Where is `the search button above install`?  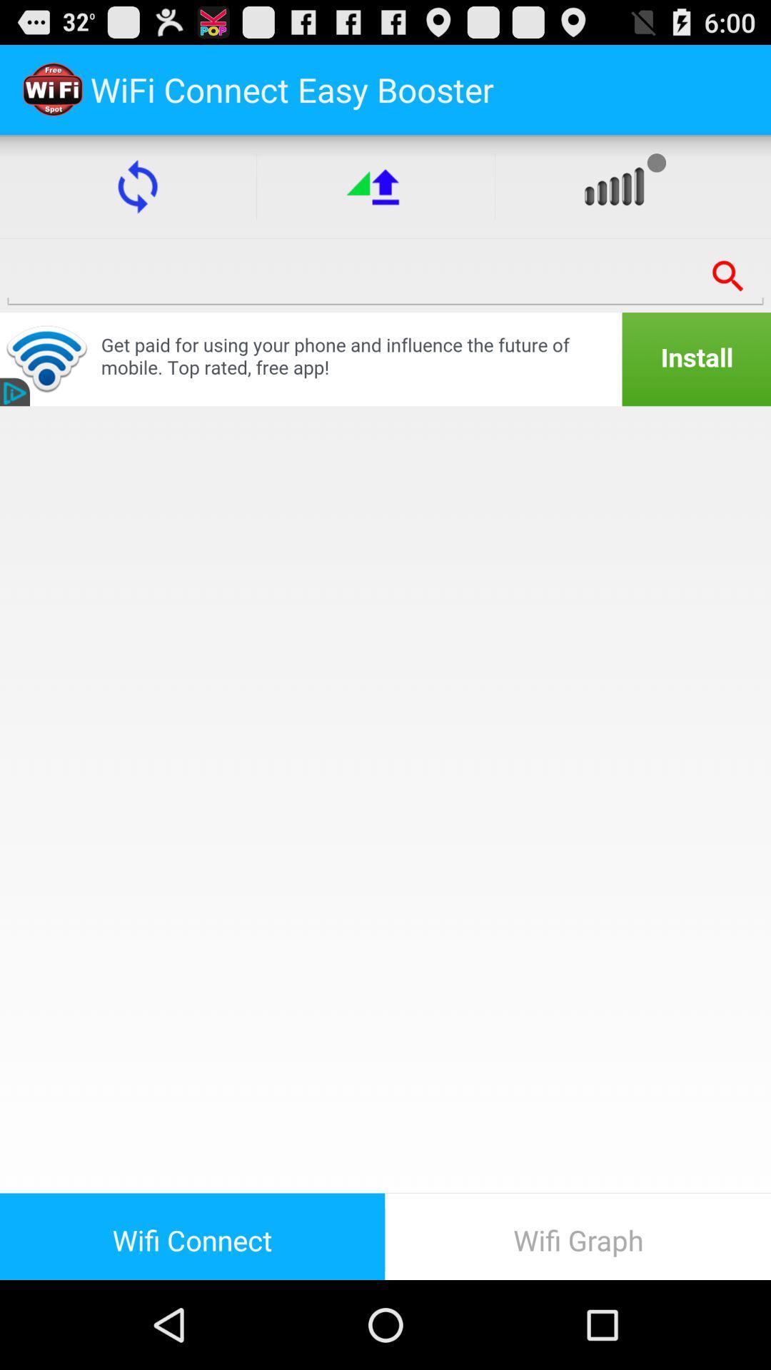 the search button above install is located at coordinates (729, 275).